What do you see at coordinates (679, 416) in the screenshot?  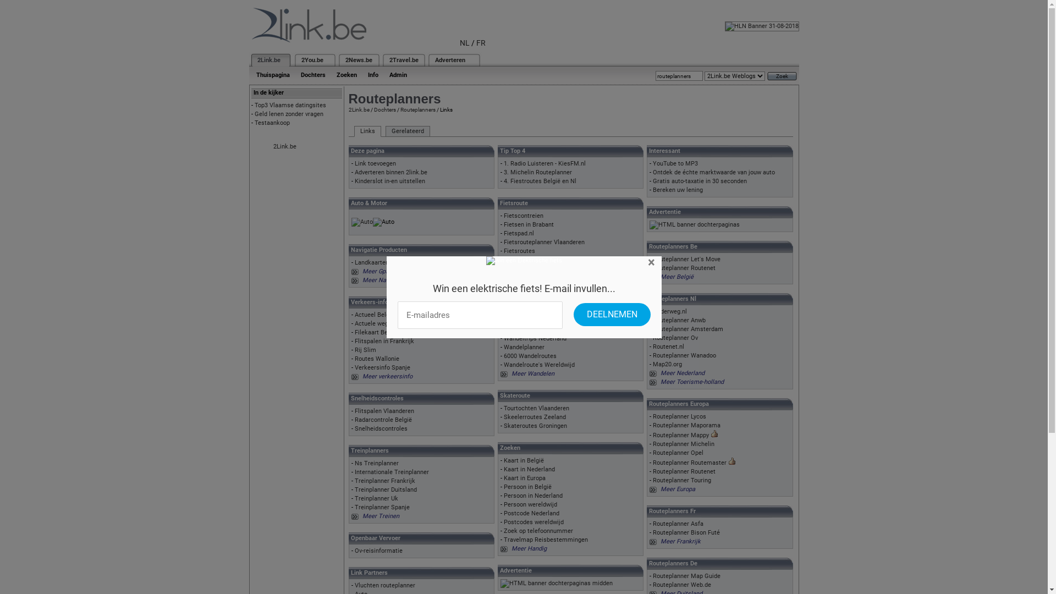 I see `'Routeplanner Lycos'` at bounding box center [679, 416].